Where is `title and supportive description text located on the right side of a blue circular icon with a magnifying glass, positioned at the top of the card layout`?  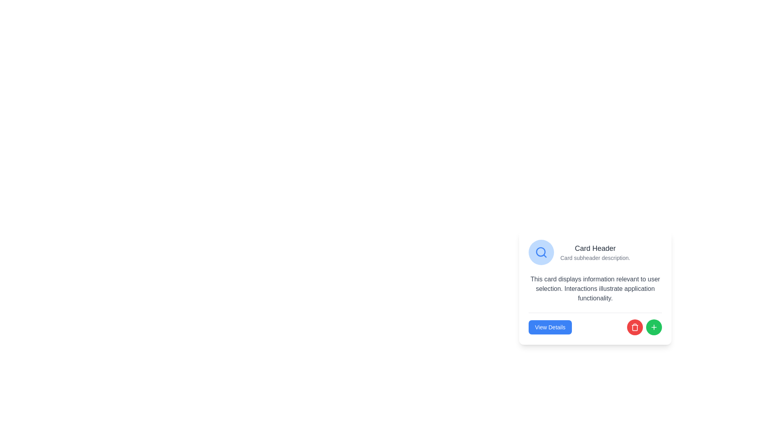
title and supportive description text located on the right side of a blue circular icon with a magnifying glass, positioned at the top of the card layout is located at coordinates (595, 252).